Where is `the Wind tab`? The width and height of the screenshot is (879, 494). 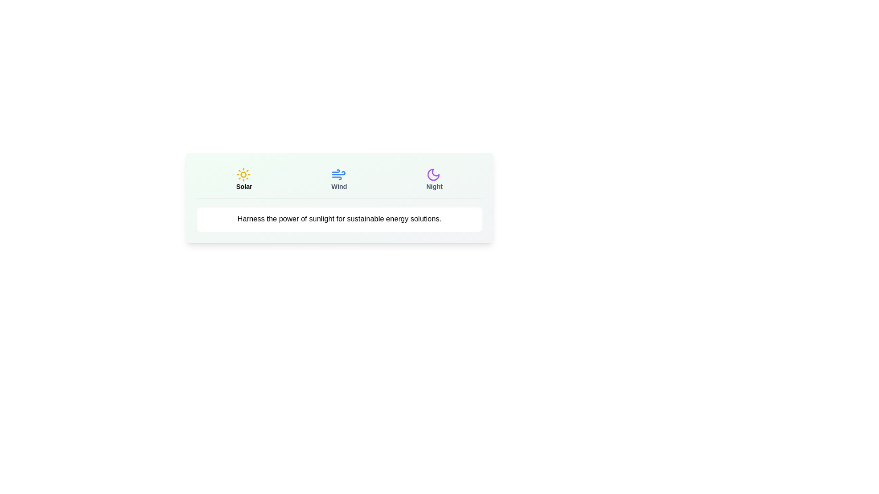
the Wind tab is located at coordinates (339, 179).